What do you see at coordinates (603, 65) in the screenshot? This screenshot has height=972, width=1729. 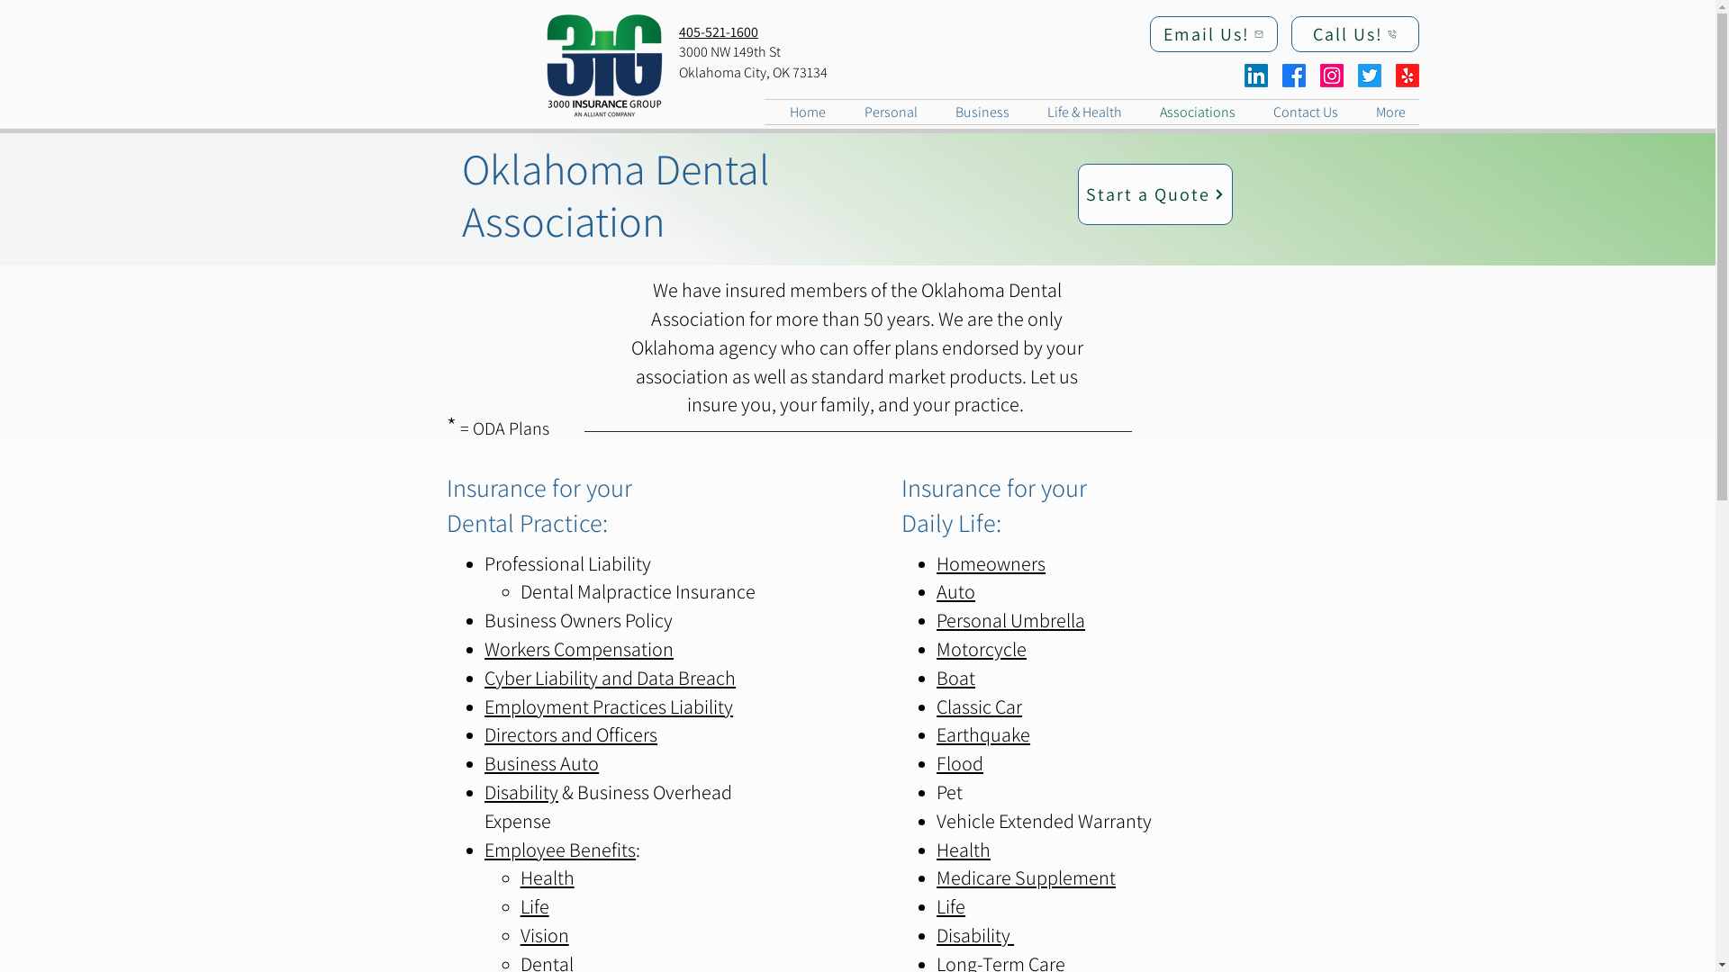 I see `'3iG_logo_CO.png'` at bounding box center [603, 65].